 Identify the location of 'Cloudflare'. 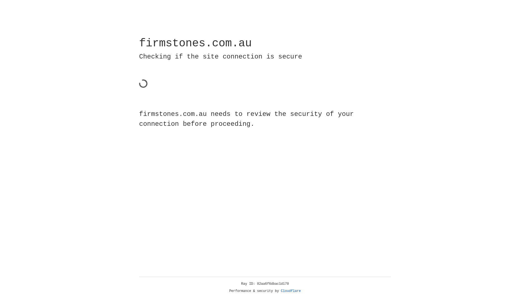
(291, 291).